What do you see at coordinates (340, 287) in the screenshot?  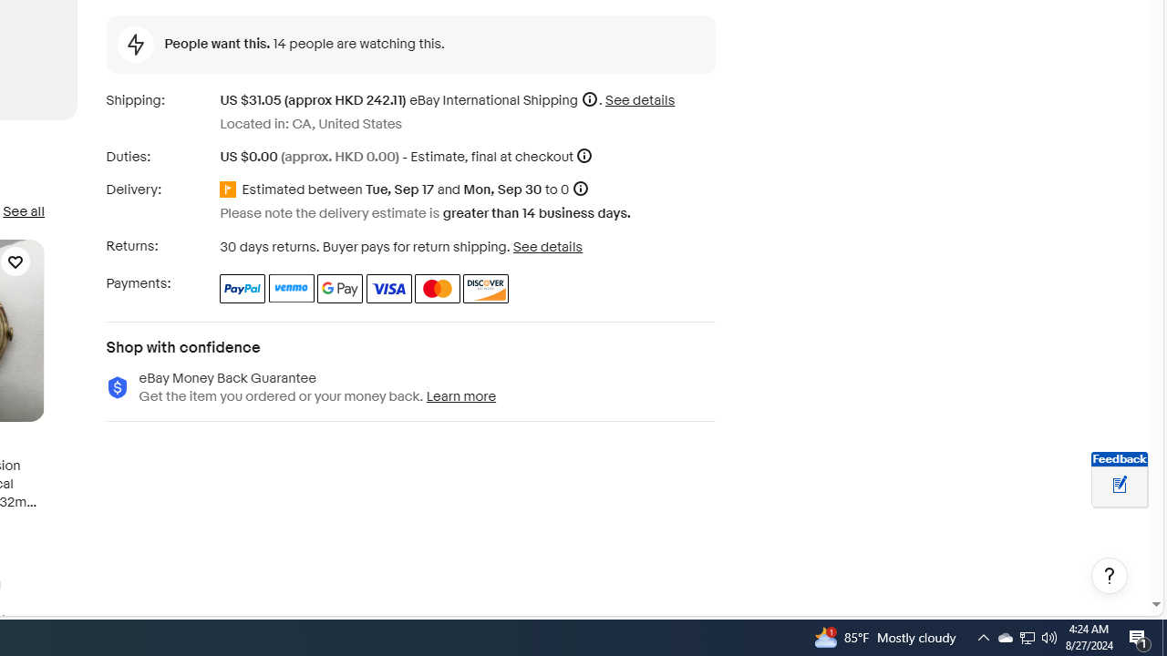 I see `'Google Pay'` at bounding box center [340, 287].